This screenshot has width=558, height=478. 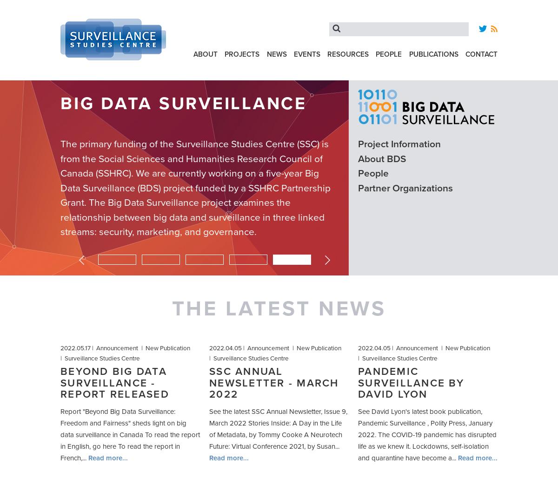 What do you see at coordinates (181, 257) in the screenshot?
I see `'2'` at bounding box center [181, 257].